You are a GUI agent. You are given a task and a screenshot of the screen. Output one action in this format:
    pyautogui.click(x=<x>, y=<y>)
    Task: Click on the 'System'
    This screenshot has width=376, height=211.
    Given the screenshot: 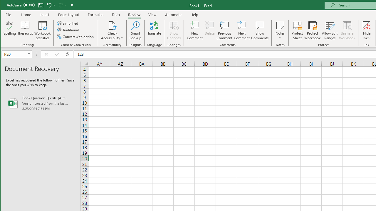 What is the action you would take?
    pyautogui.click(x=6, y=6)
    